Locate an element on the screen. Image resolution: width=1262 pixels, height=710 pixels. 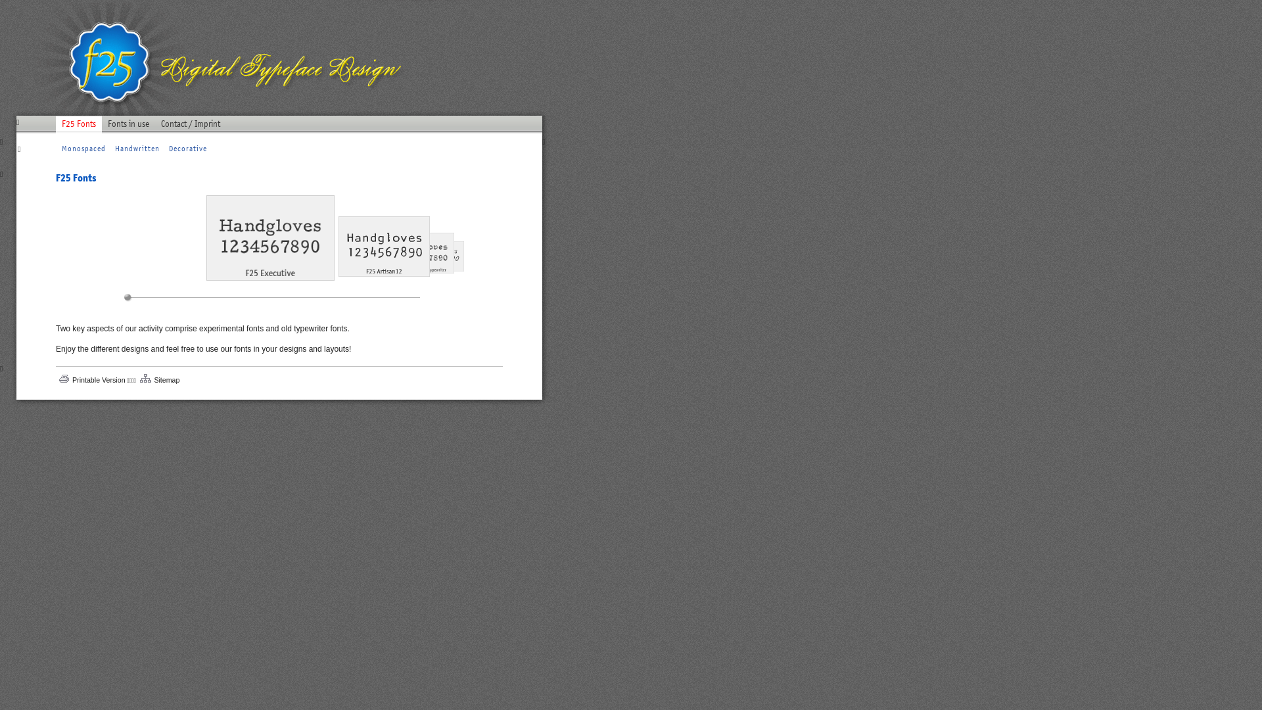
'Contact / Imprint' is located at coordinates (189, 129).